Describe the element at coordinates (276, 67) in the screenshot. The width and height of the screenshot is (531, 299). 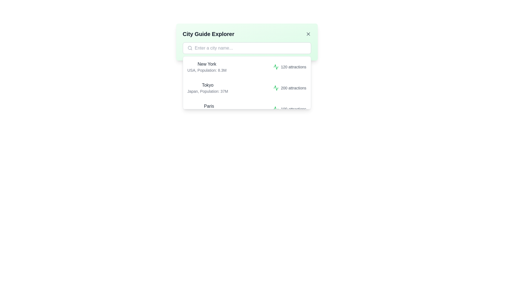
I see `the green zigzag-shaped heartbeat monitor icon located in the second row next to the city 'Tokyo'` at that location.